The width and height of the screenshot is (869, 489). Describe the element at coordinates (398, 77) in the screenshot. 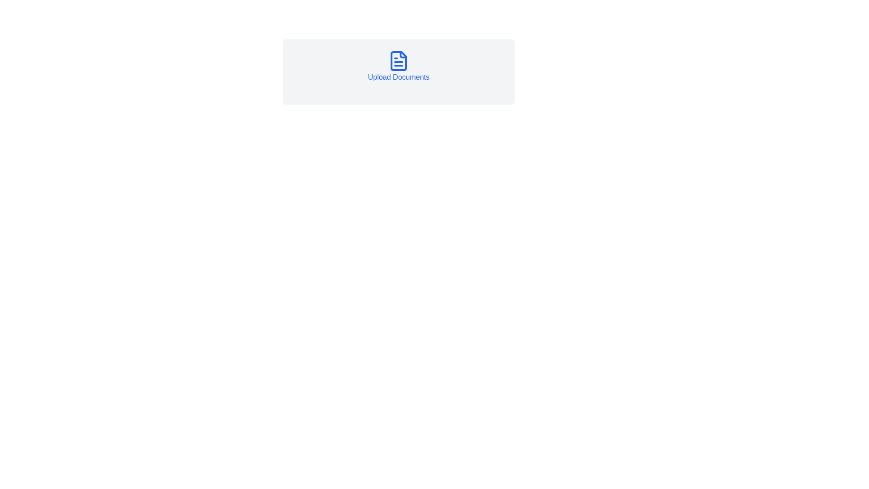

I see `the 'Upload Documents' label, which is styled in blue, bold letters and positioned below a file icon` at that location.